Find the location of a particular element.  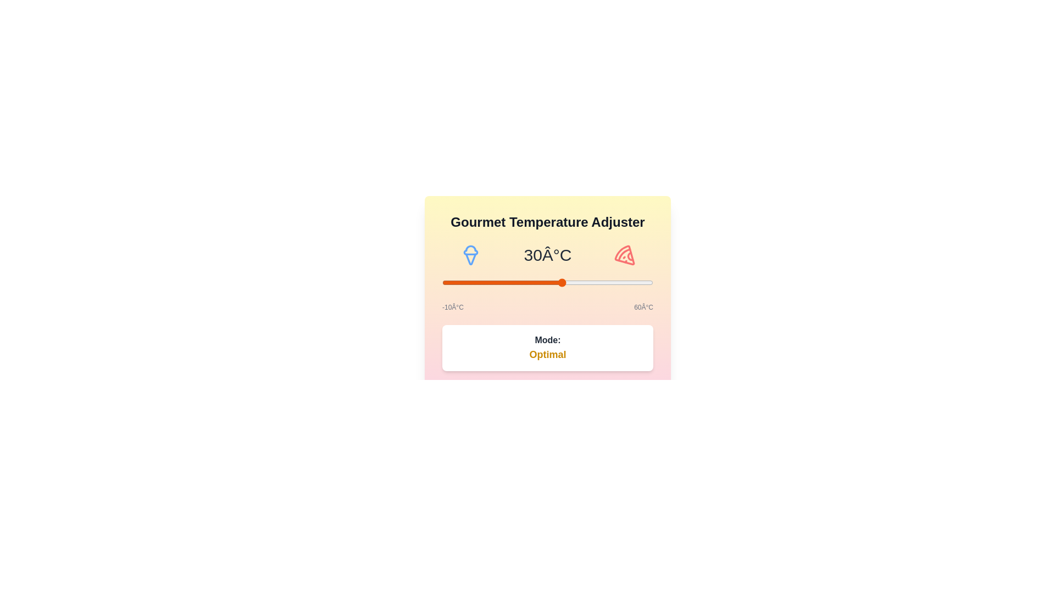

the temperature to 26°C using the slider is located at coordinates (551, 282).